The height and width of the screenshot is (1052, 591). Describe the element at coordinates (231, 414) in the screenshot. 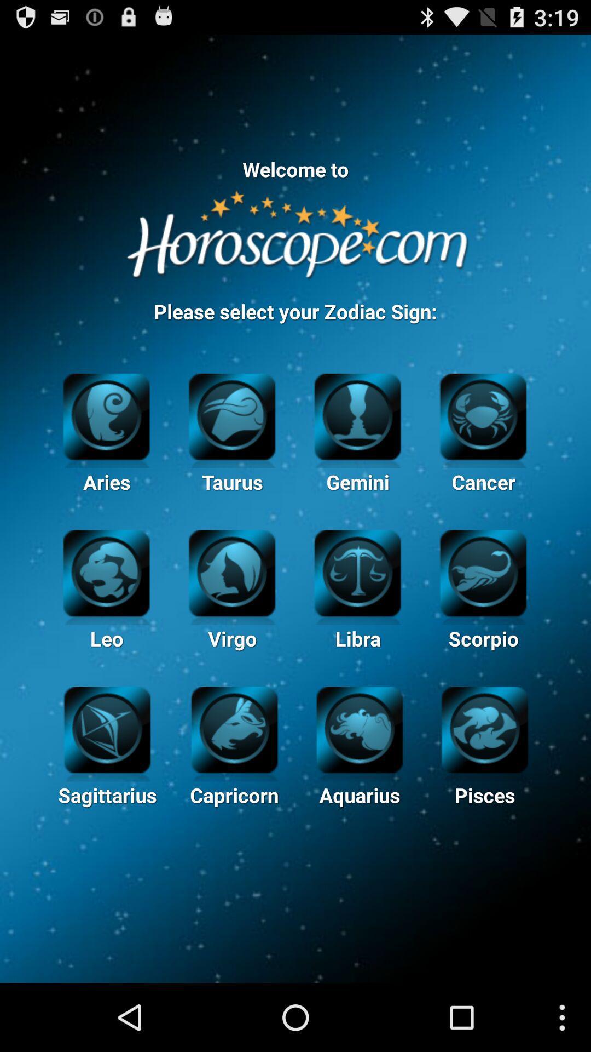

I see `taurus zodiac sign` at that location.